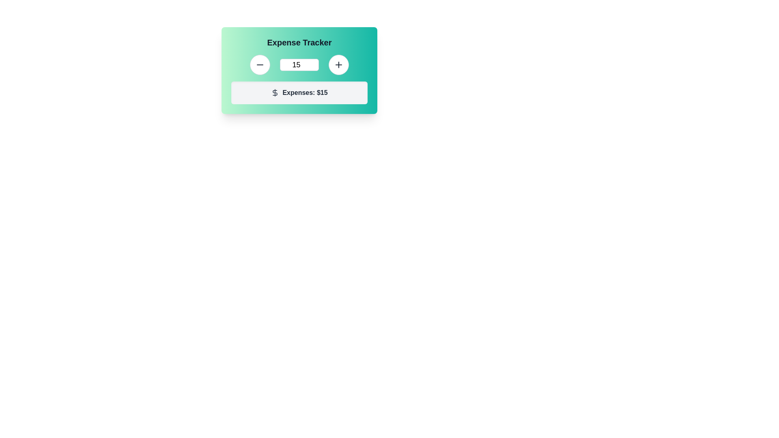 The width and height of the screenshot is (779, 438). I want to click on the circular button with a white background and a minus icon to trigger the hover effect in the Expense Tracker interface, so click(260, 64).